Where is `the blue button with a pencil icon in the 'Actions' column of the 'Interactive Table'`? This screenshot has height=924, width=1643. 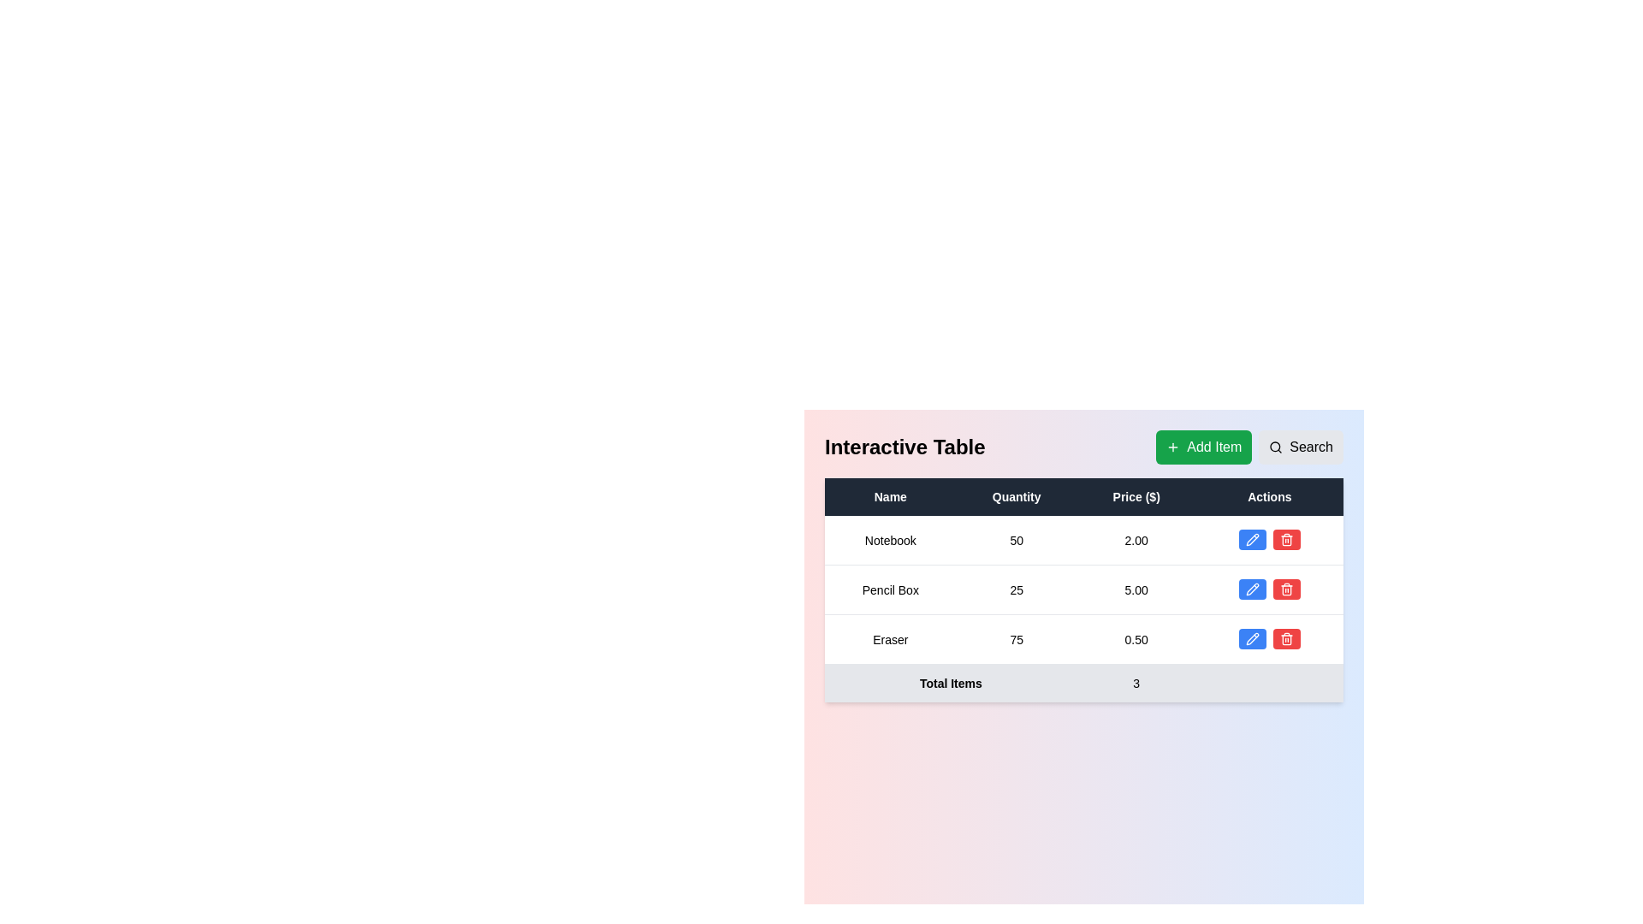
the blue button with a pencil icon in the 'Actions' column of the 'Interactive Table' is located at coordinates (1252, 540).